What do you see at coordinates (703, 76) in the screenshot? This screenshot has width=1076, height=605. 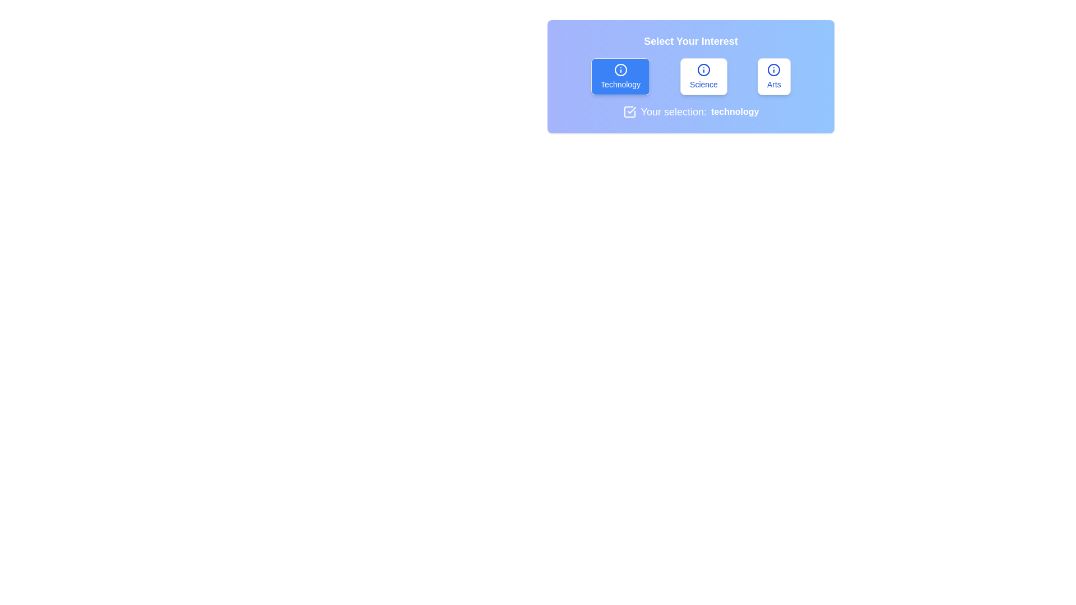 I see `the 'Science' button to select it` at bounding box center [703, 76].